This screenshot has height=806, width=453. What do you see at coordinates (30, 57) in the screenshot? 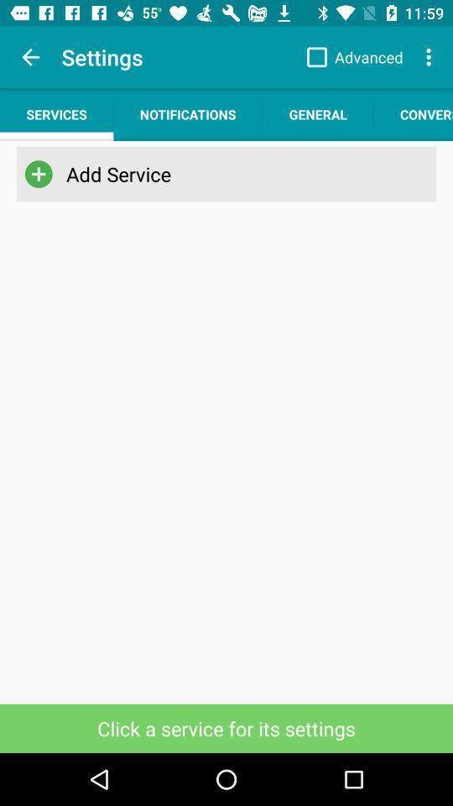
I see `the app next to settings item` at bounding box center [30, 57].